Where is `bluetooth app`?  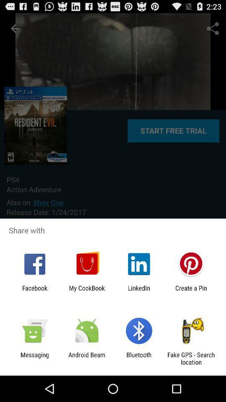 bluetooth app is located at coordinates (139, 358).